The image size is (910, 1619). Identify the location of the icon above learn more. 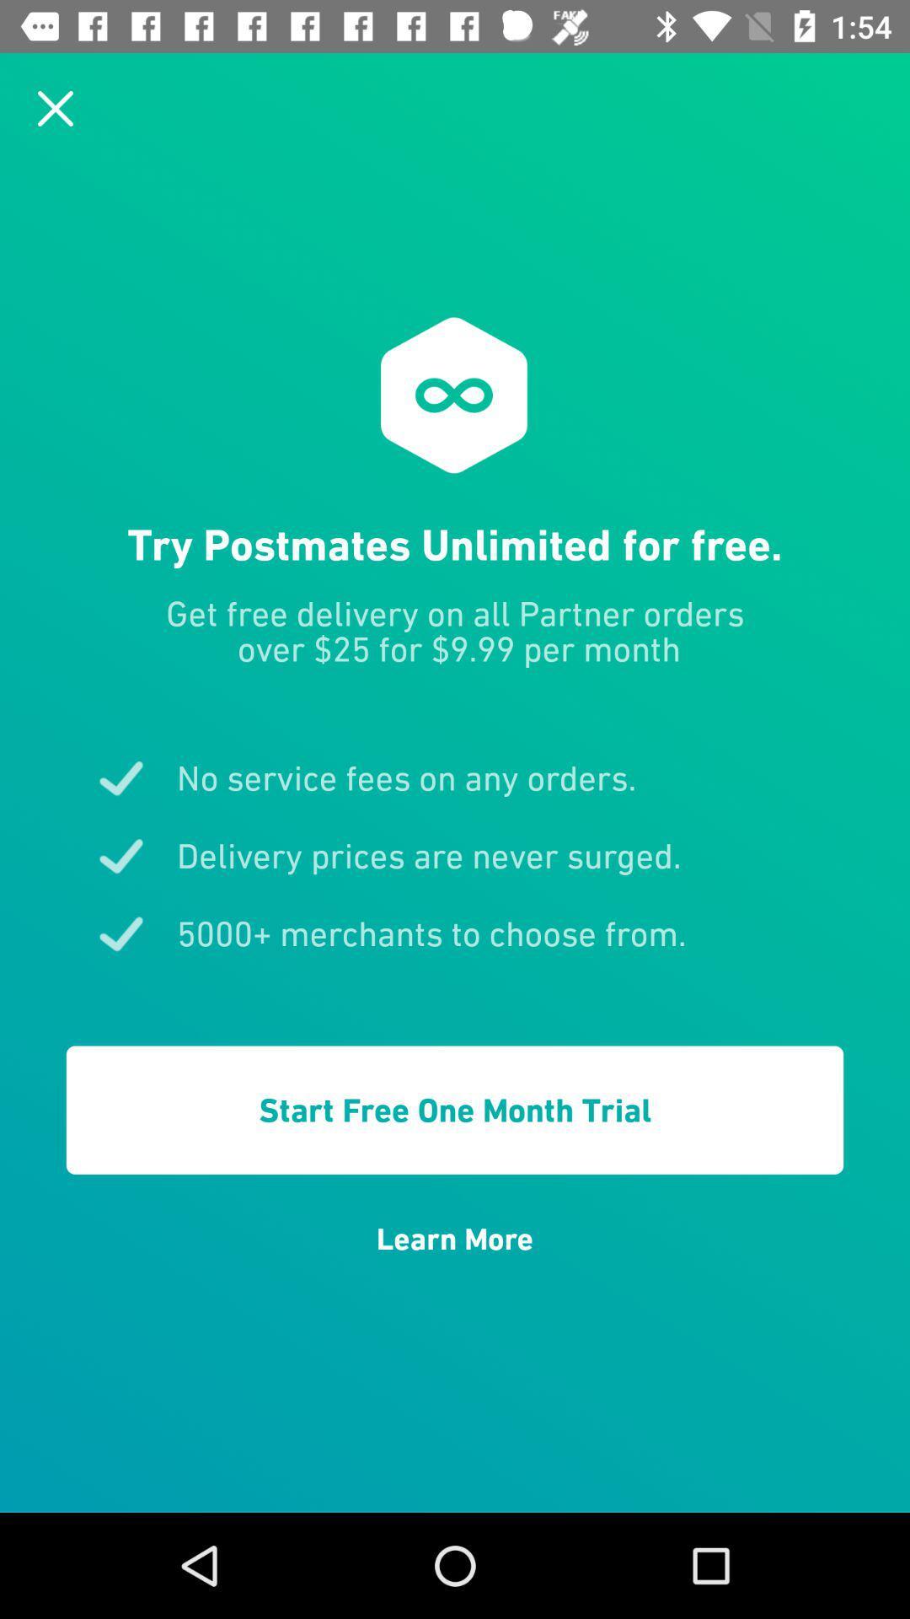
(455, 1110).